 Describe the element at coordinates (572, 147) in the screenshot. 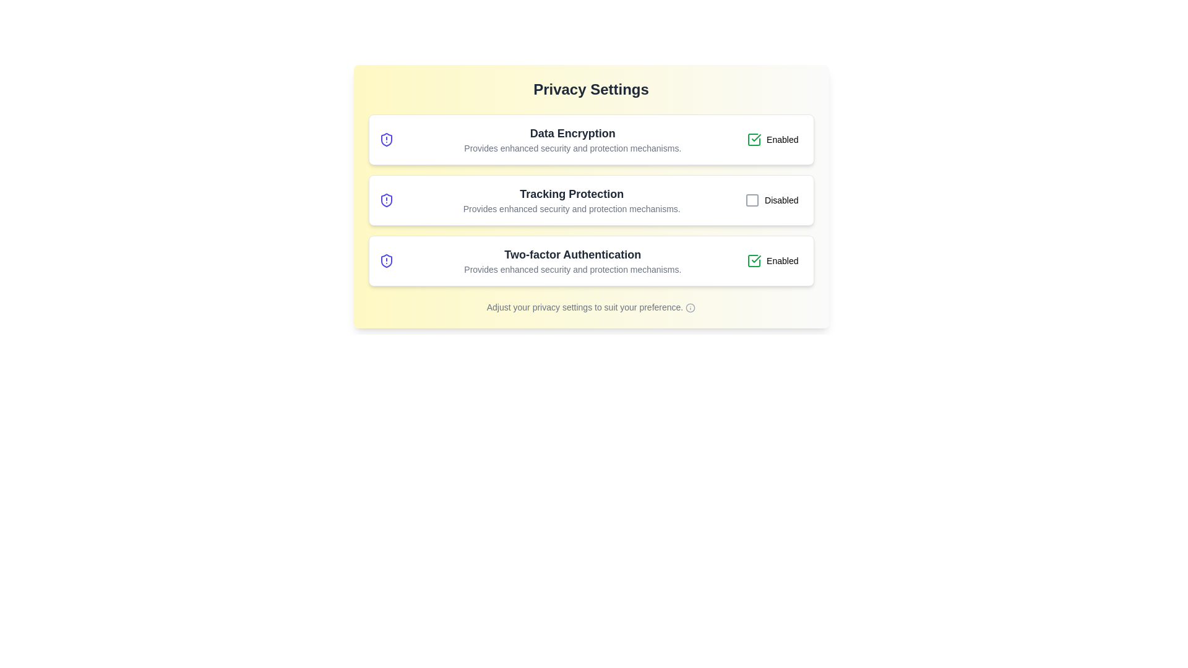

I see `the text element reading 'Provides enhanced security and protection mechanisms.' located beneath the title 'Data Encryption' in the settings interface` at that location.